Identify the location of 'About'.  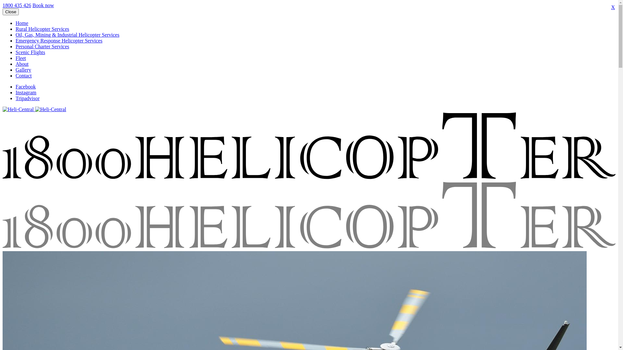
(22, 64).